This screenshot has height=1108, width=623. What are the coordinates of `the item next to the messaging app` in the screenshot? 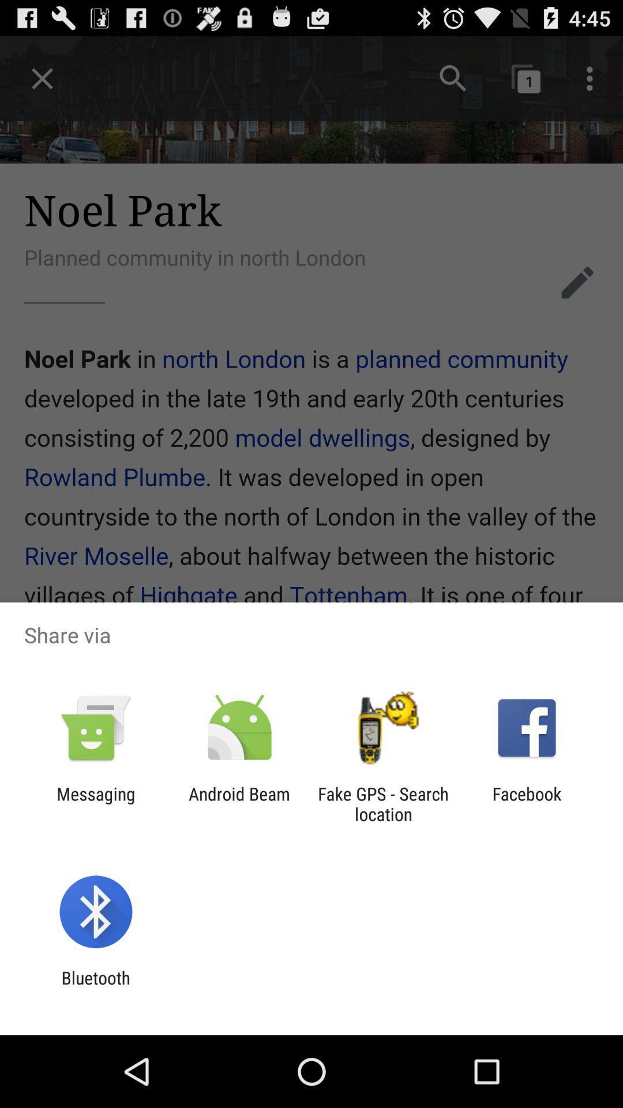 It's located at (239, 803).